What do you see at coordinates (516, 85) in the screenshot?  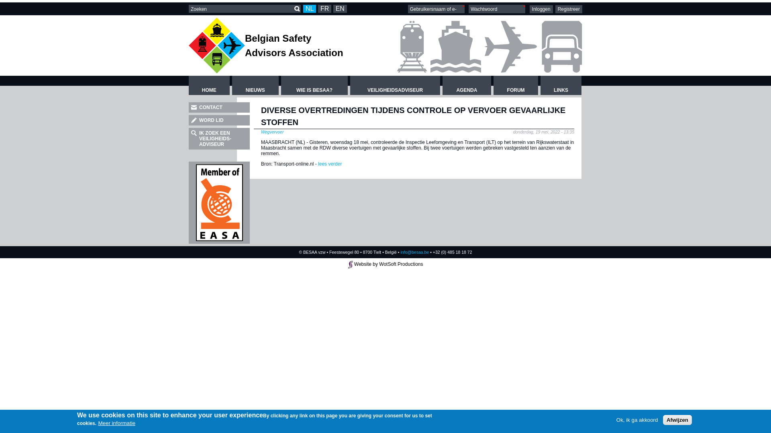 I see `'FORUM'` at bounding box center [516, 85].